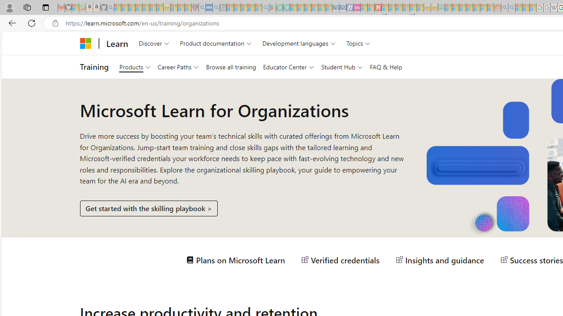 This screenshot has width=563, height=316. What do you see at coordinates (378, 7) in the screenshot?
I see `'Latest Politics News & Archive | Newsweek.com - Sleeping'` at bounding box center [378, 7].